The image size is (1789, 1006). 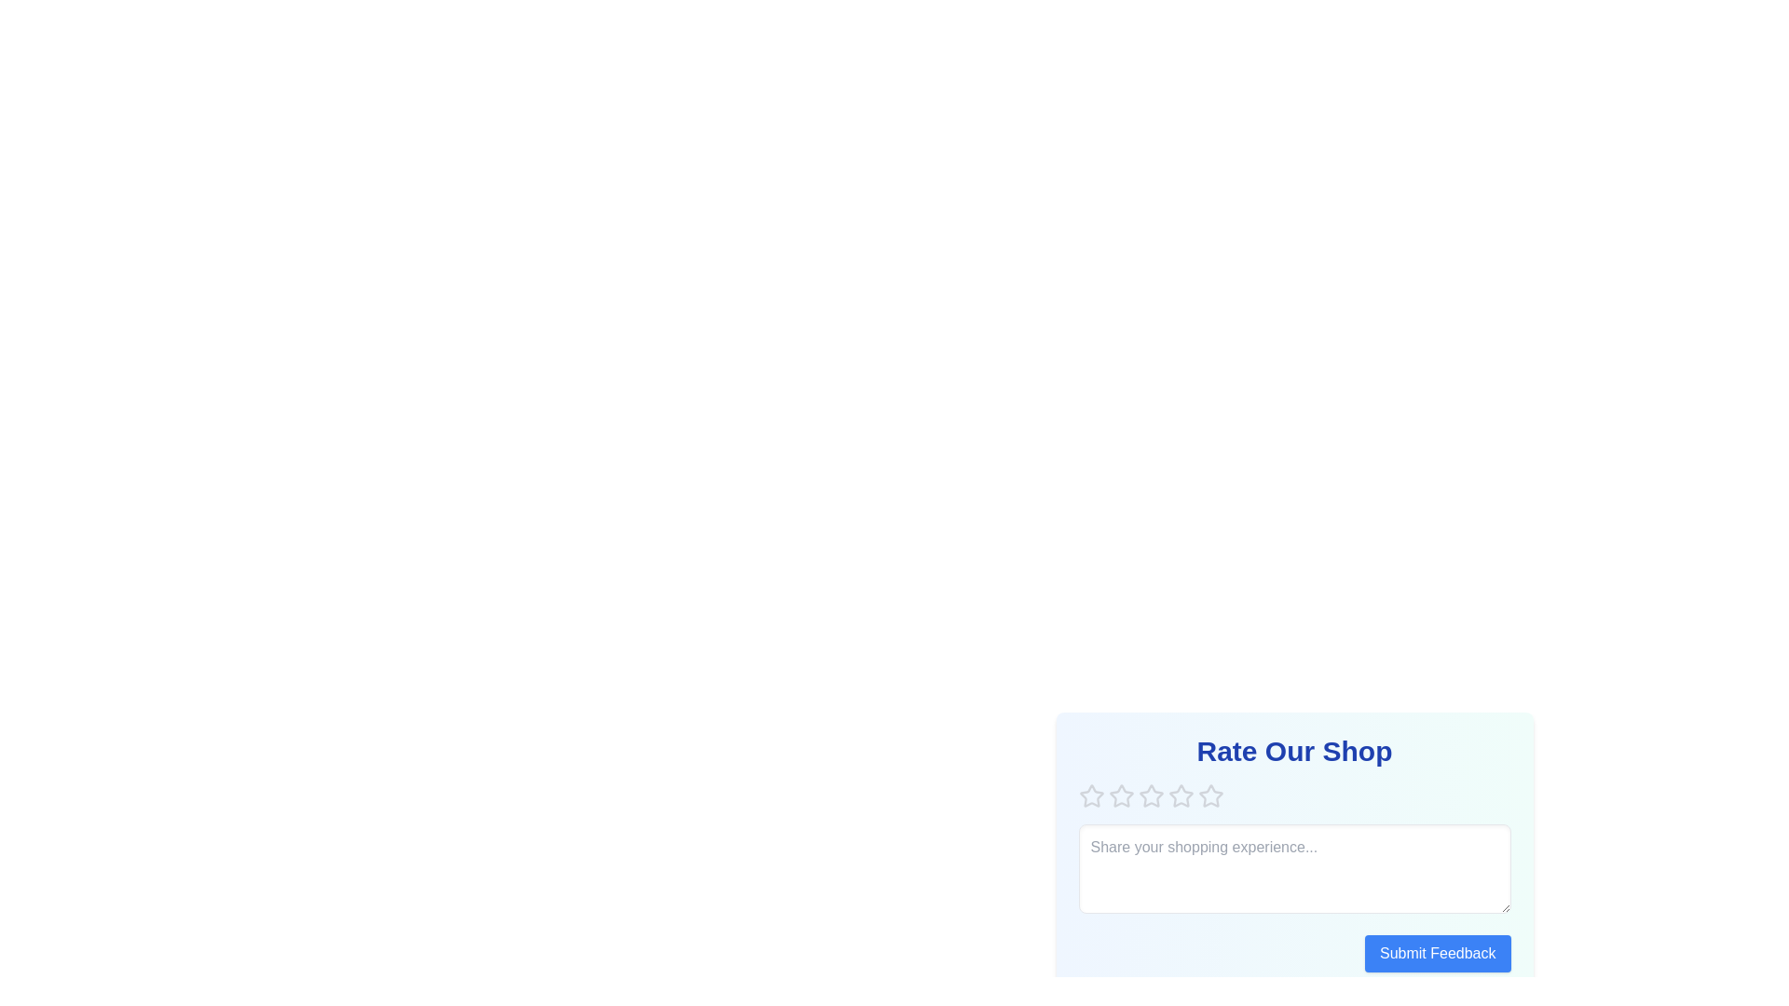 I want to click on the star corresponding to the rating 2, so click(x=1120, y=796).